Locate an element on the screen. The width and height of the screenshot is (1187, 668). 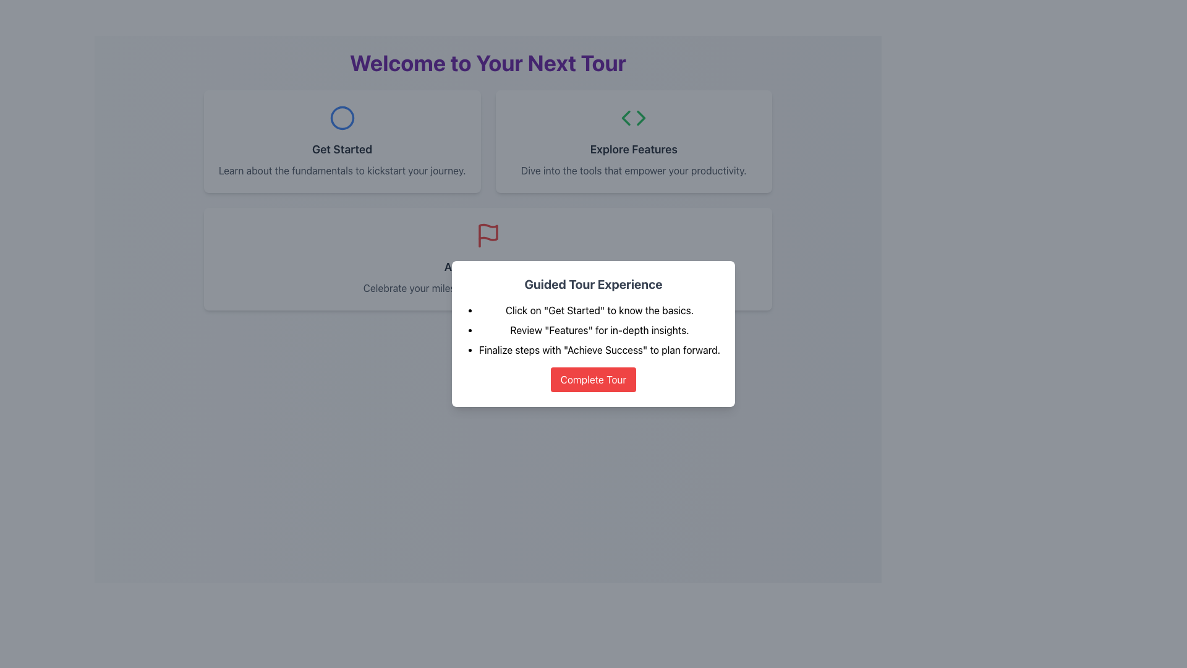
the instructional text in the modal dialog box titled 'Guided Tour Experience' that provides guidance on initiating the journey by clicking the 'Get Started' button is located at coordinates (599, 309).